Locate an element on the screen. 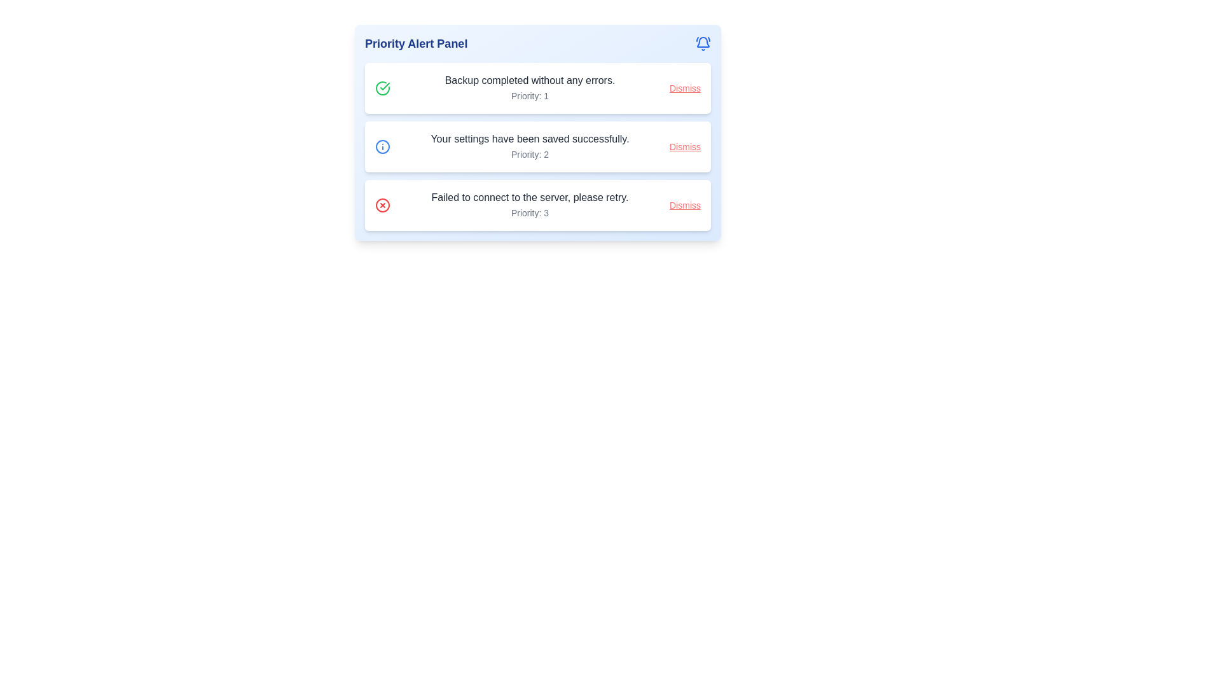 This screenshot has width=1221, height=687. error message displayed on the Notification card indicating a failed server connection, which is the third notification in a vertical list is located at coordinates (537, 205).